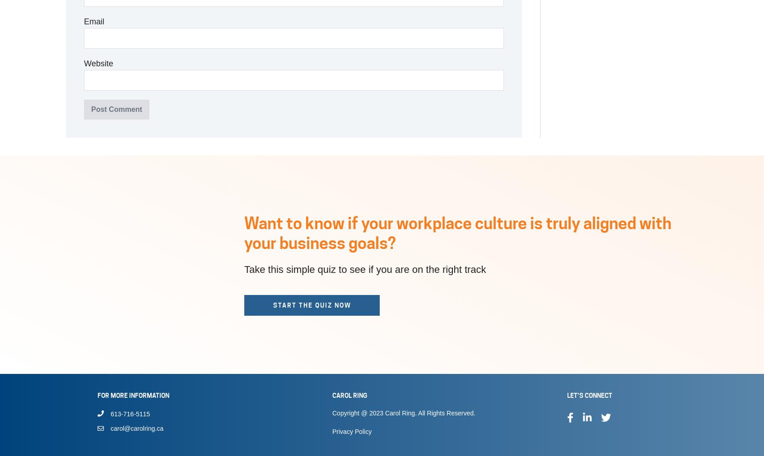 Image resolution: width=764 pixels, height=456 pixels. Describe the element at coordinates (93, 21) in the screenshot. I see `'Email'` at that location.